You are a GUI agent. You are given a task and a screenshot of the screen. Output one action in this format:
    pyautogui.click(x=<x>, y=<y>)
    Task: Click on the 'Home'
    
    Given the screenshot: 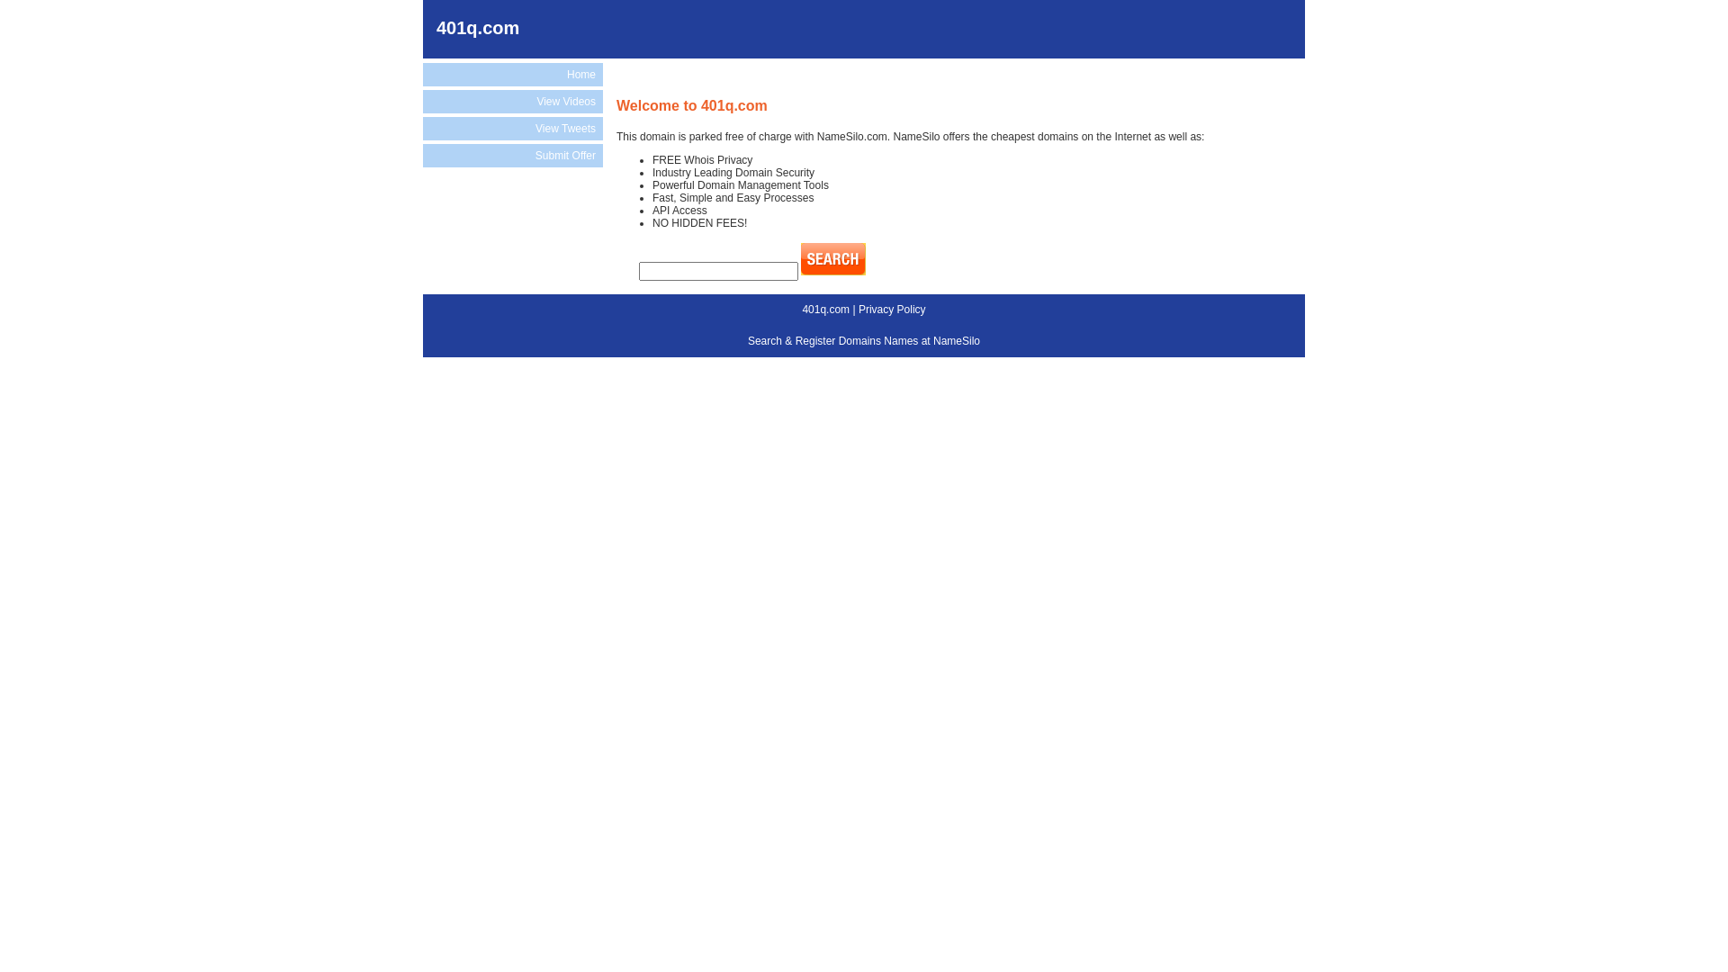 What is the action you would take?
    pyautogui.click(x=512, y=74)
    